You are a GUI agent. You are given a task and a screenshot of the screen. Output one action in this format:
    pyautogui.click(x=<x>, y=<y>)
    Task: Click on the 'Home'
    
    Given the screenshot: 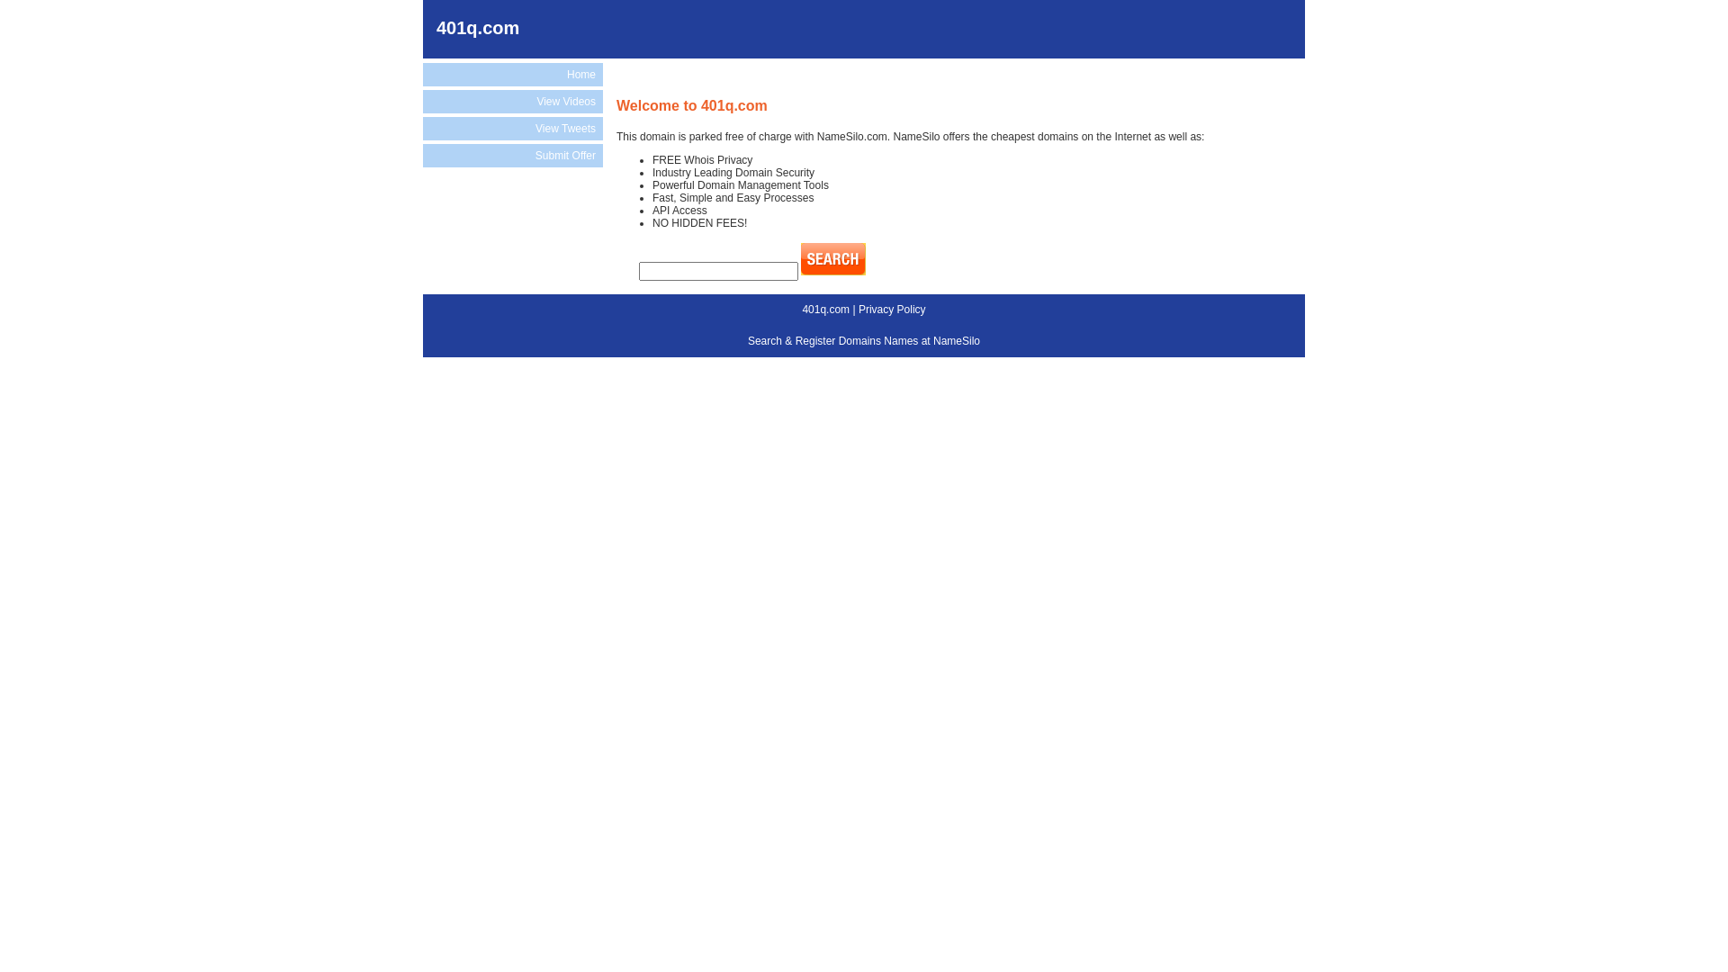 What is the action you would take?
    pyautogui.click(x=512, y=74)
    